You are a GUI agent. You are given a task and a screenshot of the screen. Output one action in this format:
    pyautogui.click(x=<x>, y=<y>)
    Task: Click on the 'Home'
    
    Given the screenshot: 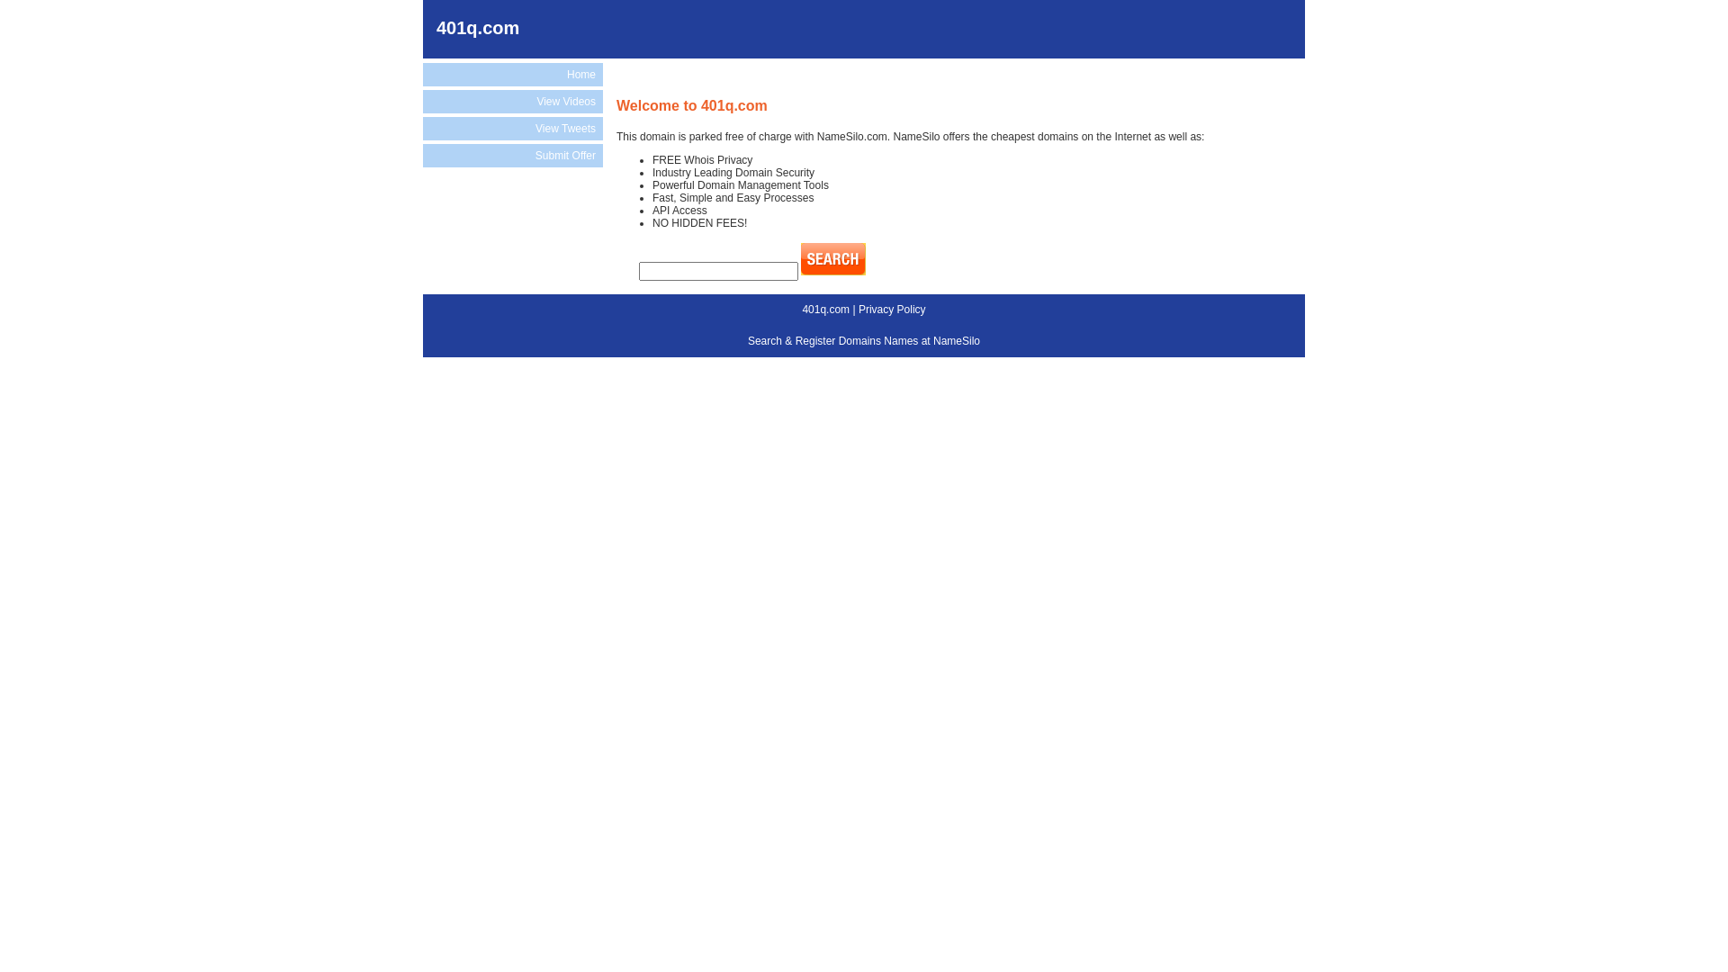 What is the action you would take?
    pyautogui.click(x=512, y=74)
    